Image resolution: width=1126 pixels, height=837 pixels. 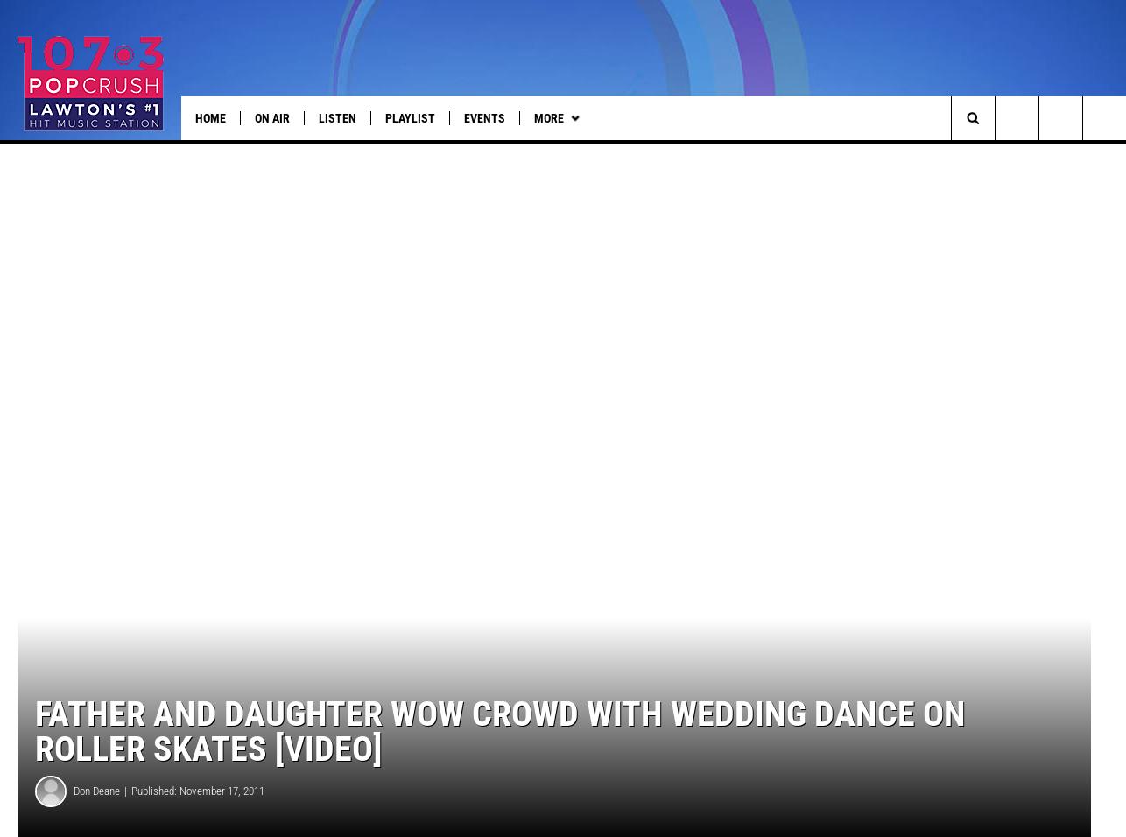 I want to click on 'Events', so click(x=483, y=117).